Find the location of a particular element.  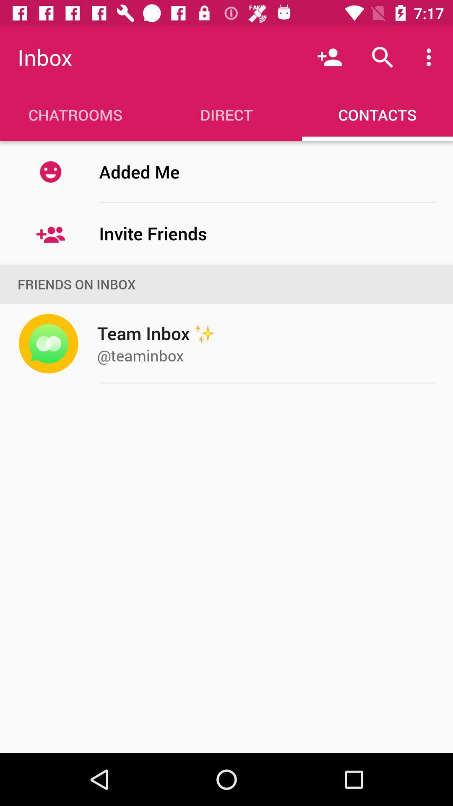

the button next to search icon is located at coordinates (431, 57).